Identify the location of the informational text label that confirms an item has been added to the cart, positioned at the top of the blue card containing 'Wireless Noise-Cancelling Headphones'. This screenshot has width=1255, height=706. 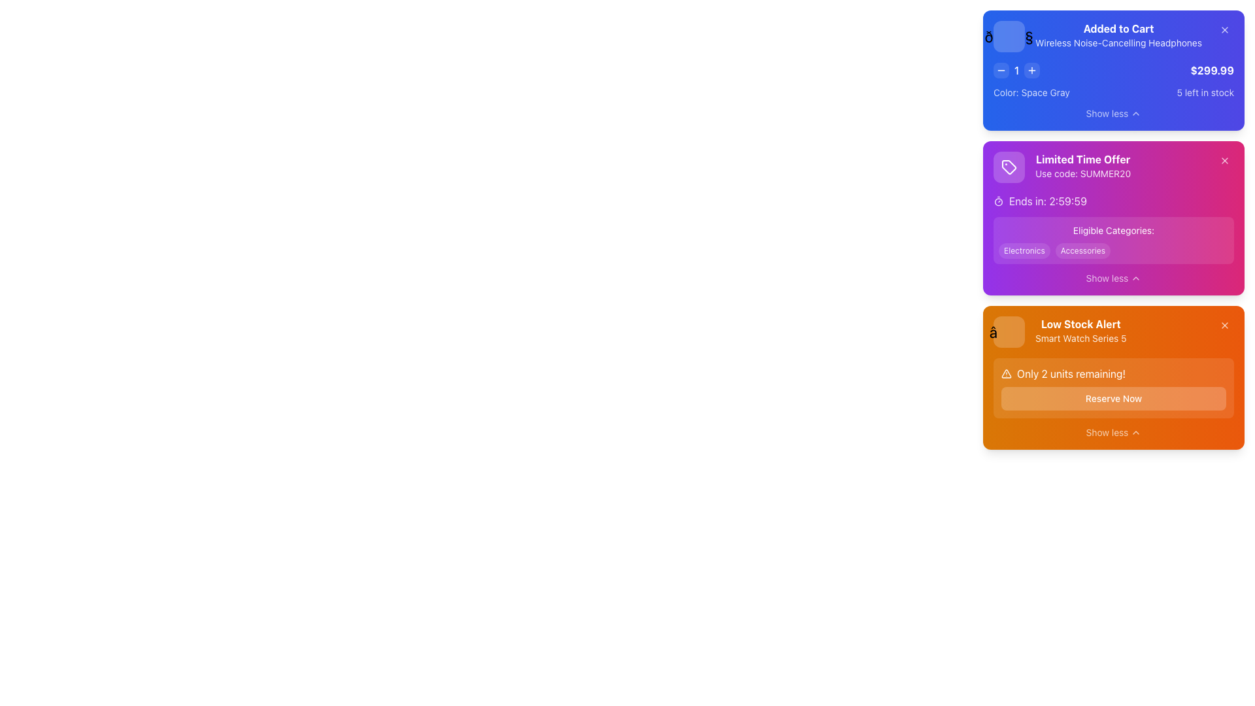
(1118, 28).